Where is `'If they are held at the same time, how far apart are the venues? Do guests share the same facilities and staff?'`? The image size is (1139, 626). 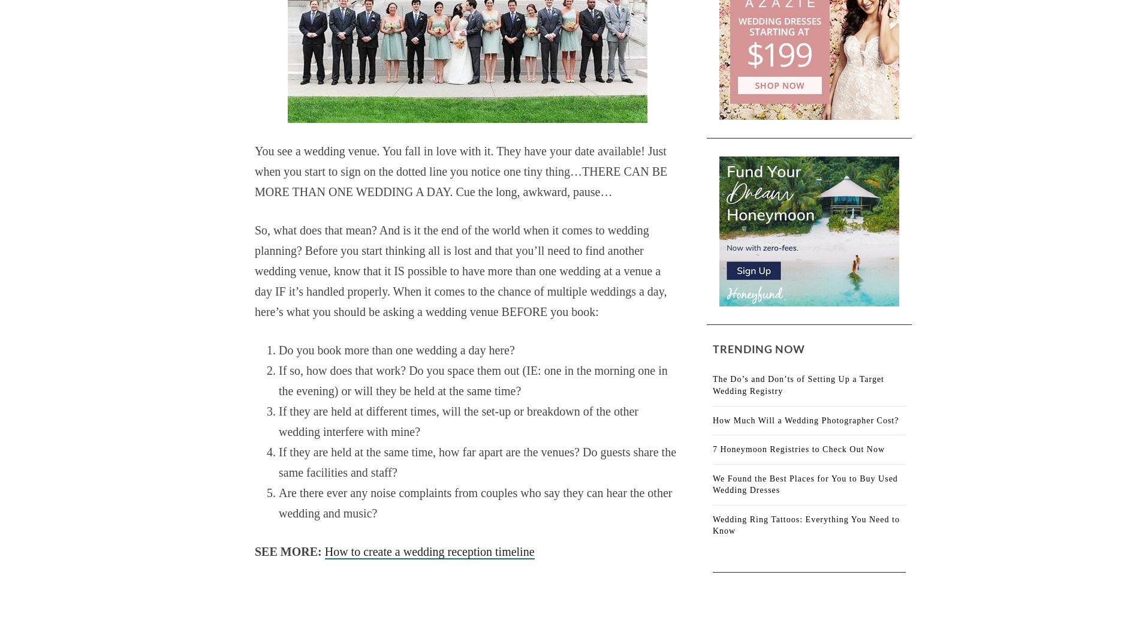 'If they are held at the same time, how far apart are the venues? Do guests share the same facilities and staff?' is located at coordinates (477, 462).